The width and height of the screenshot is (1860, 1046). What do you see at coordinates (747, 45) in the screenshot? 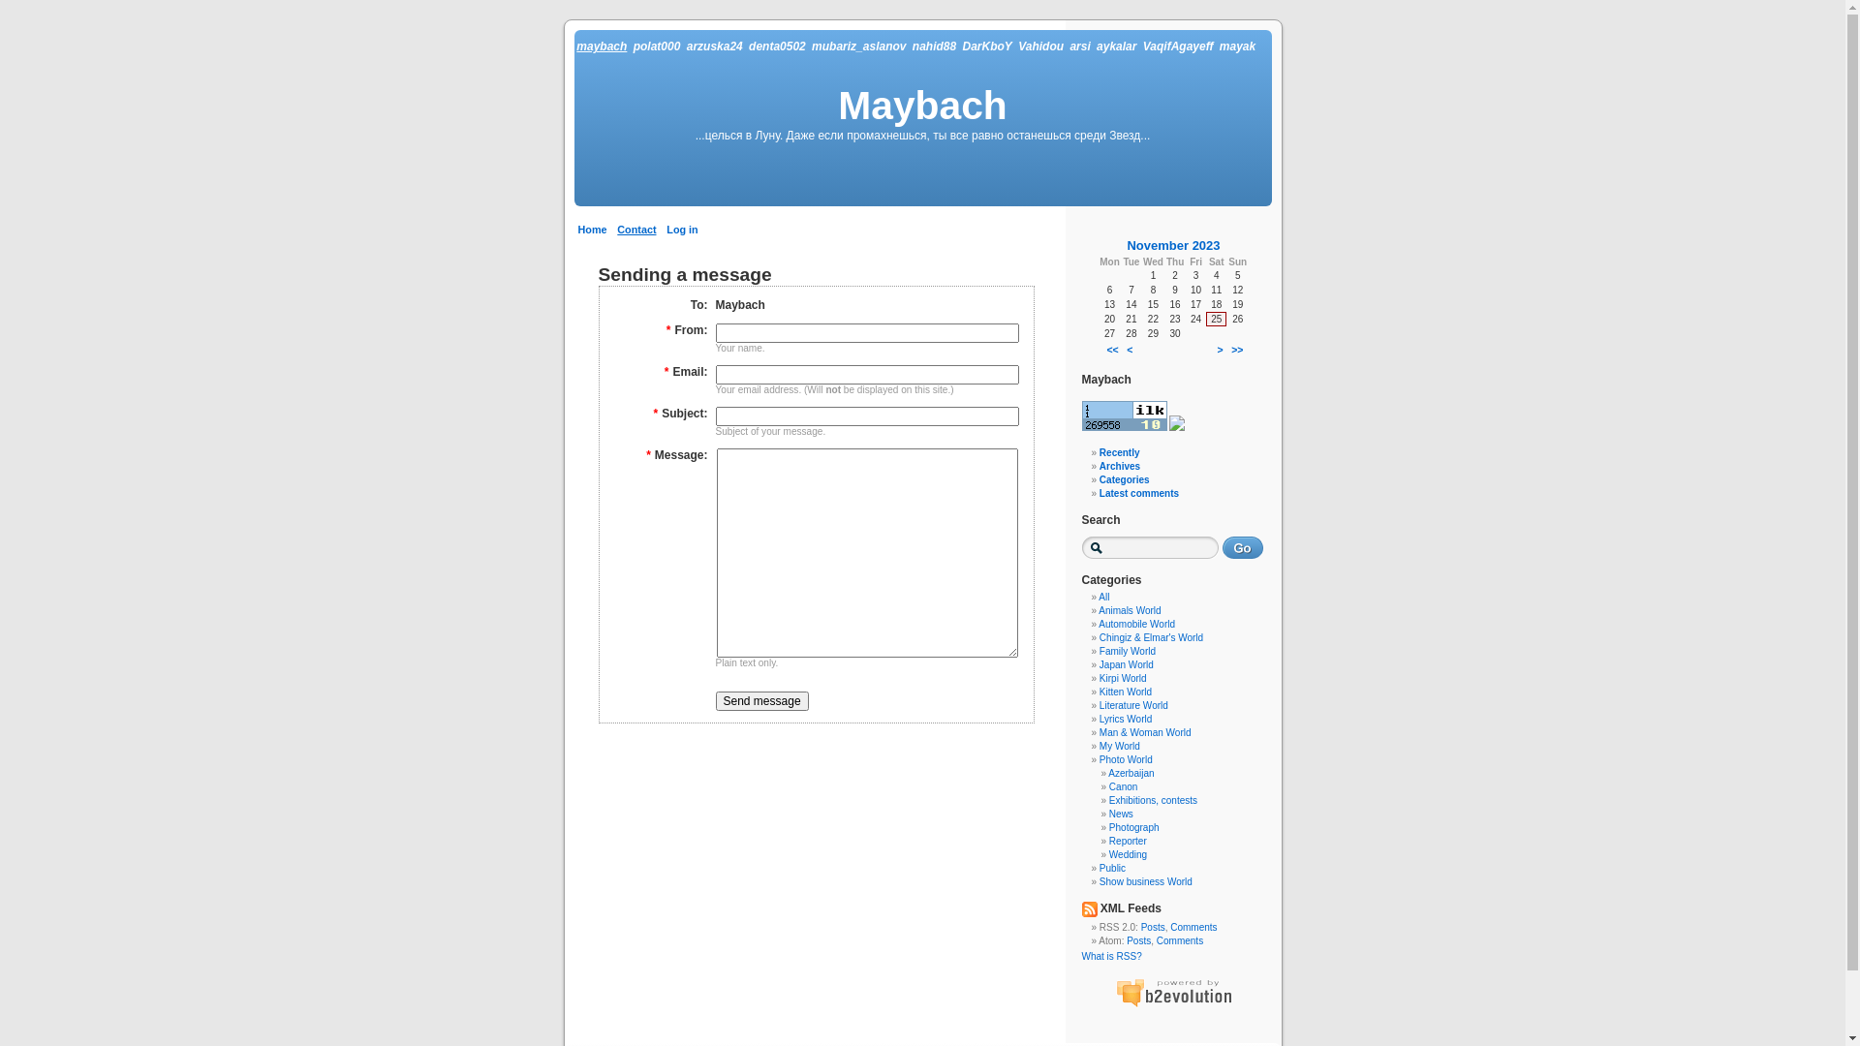
I see `'denta0502'` at bounding box center [747, 45].